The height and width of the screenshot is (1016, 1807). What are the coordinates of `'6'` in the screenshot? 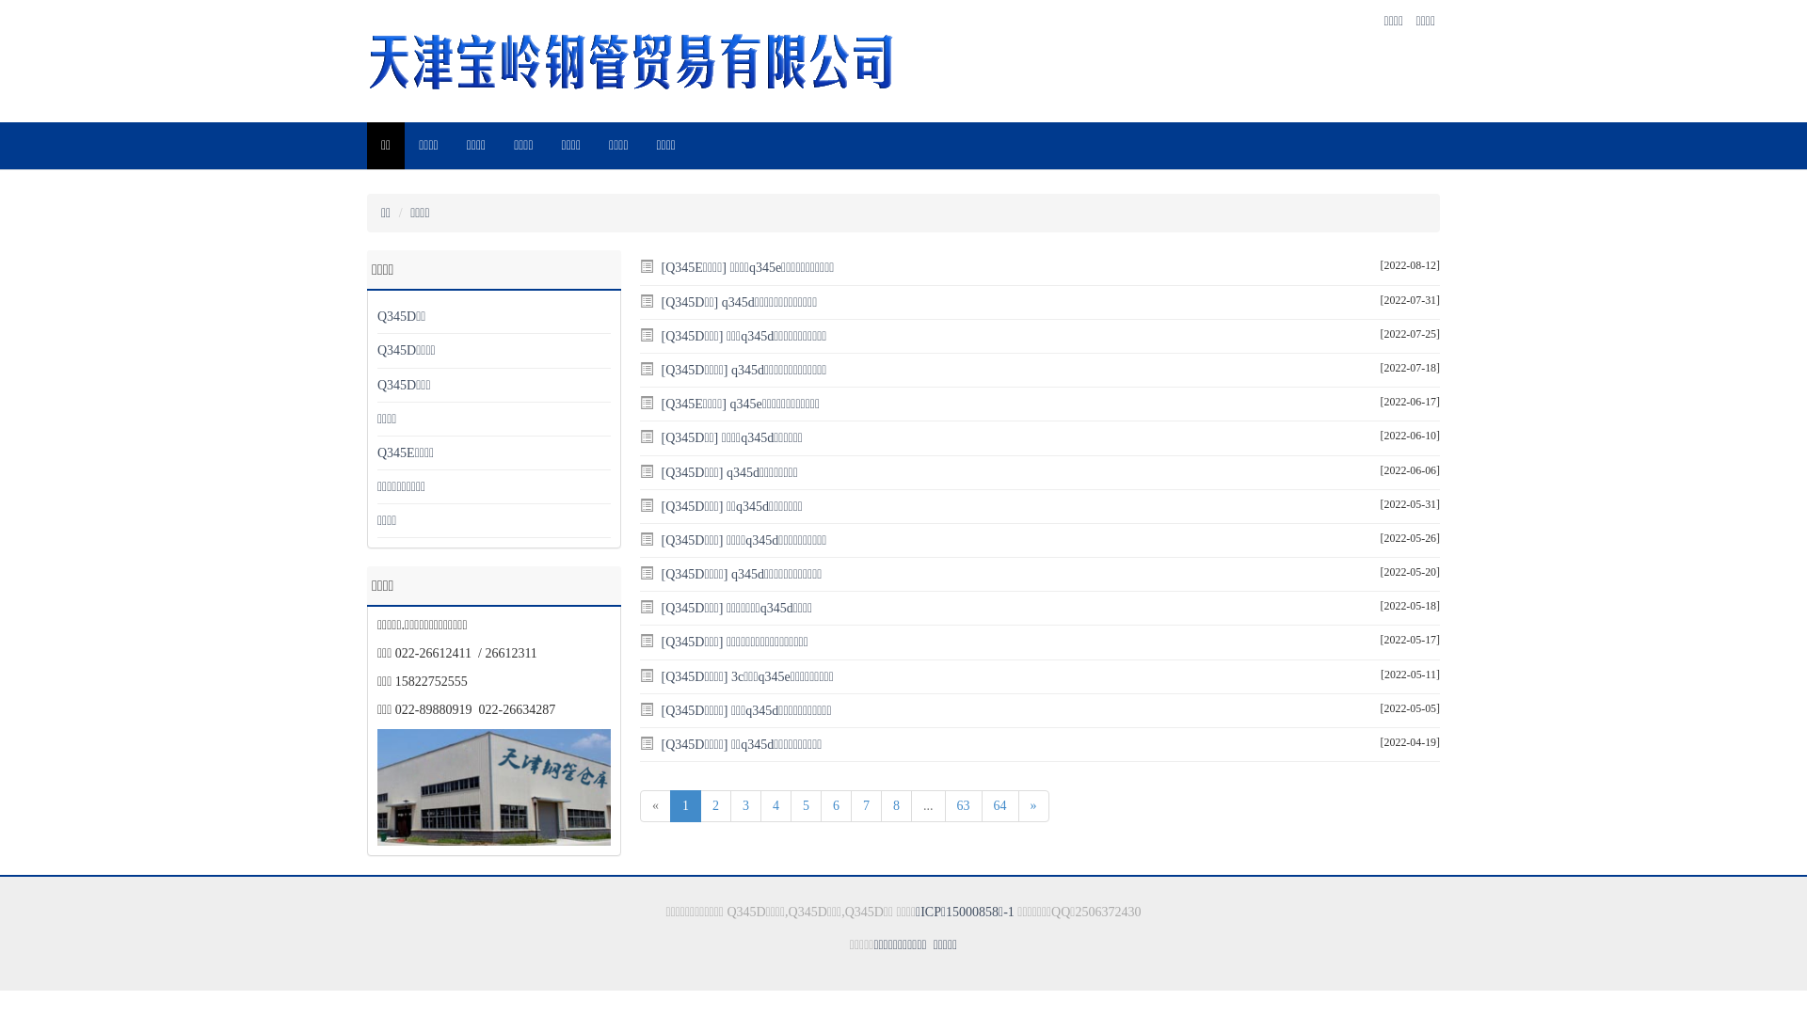 It's located at (835, 804).